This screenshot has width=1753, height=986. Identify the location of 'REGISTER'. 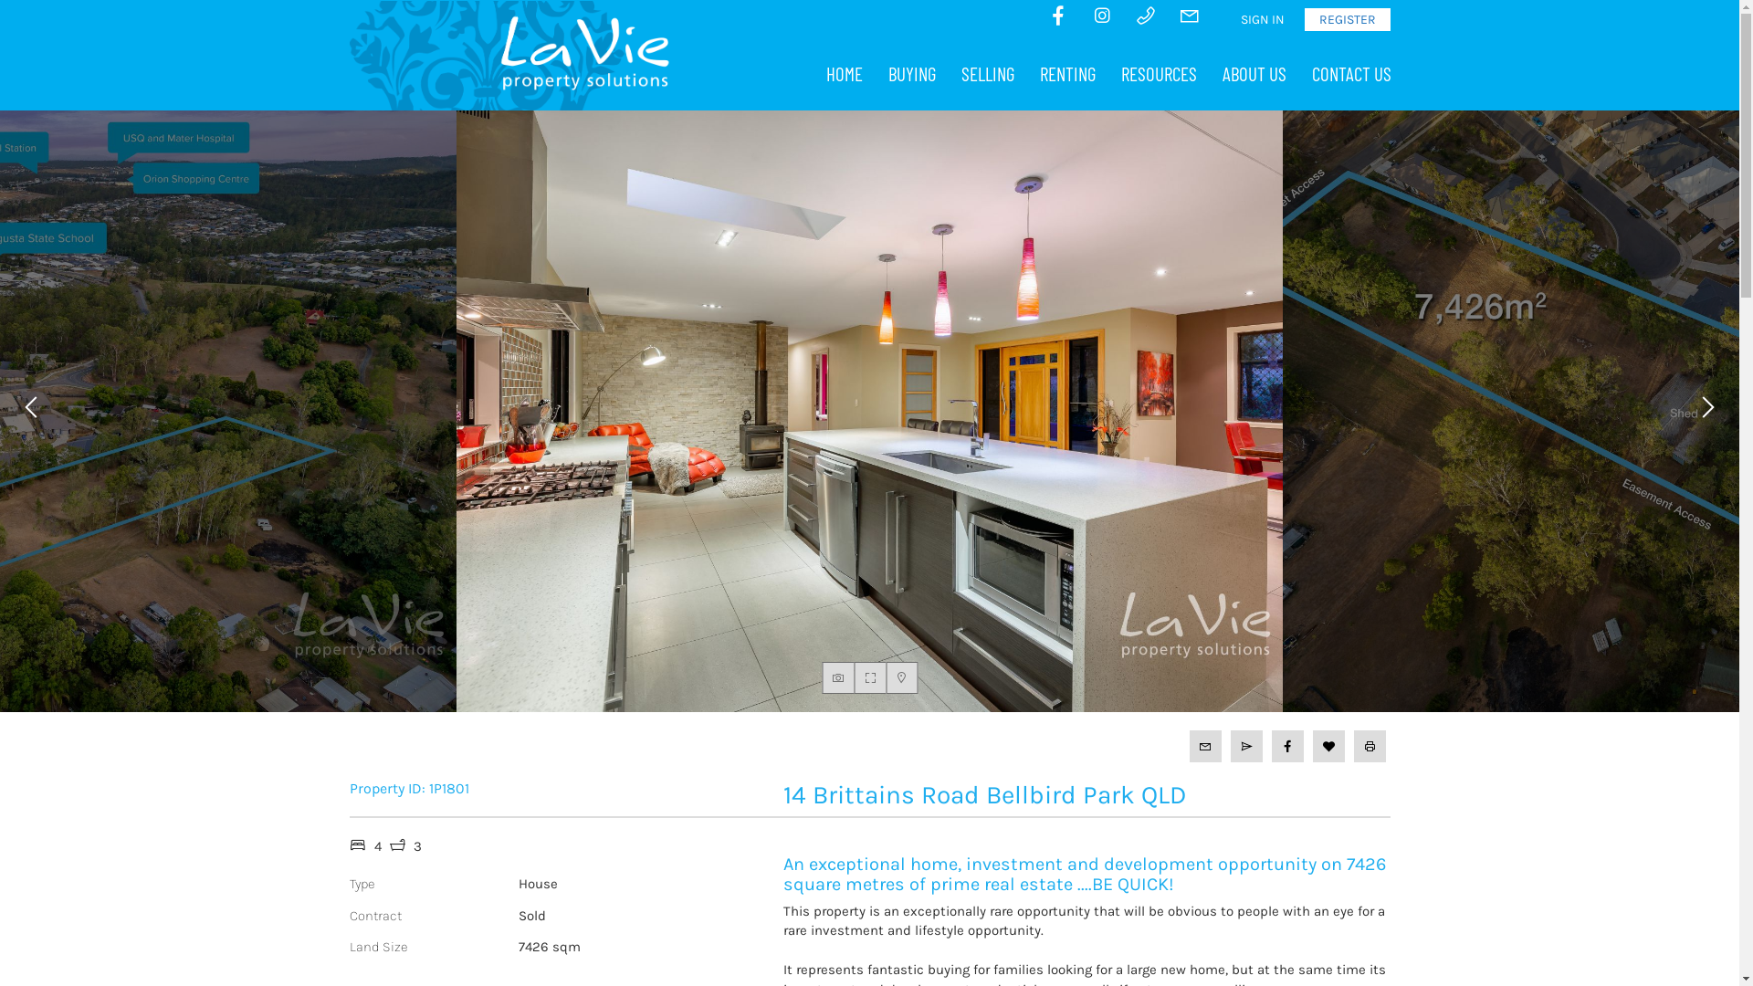
(1346, 19).